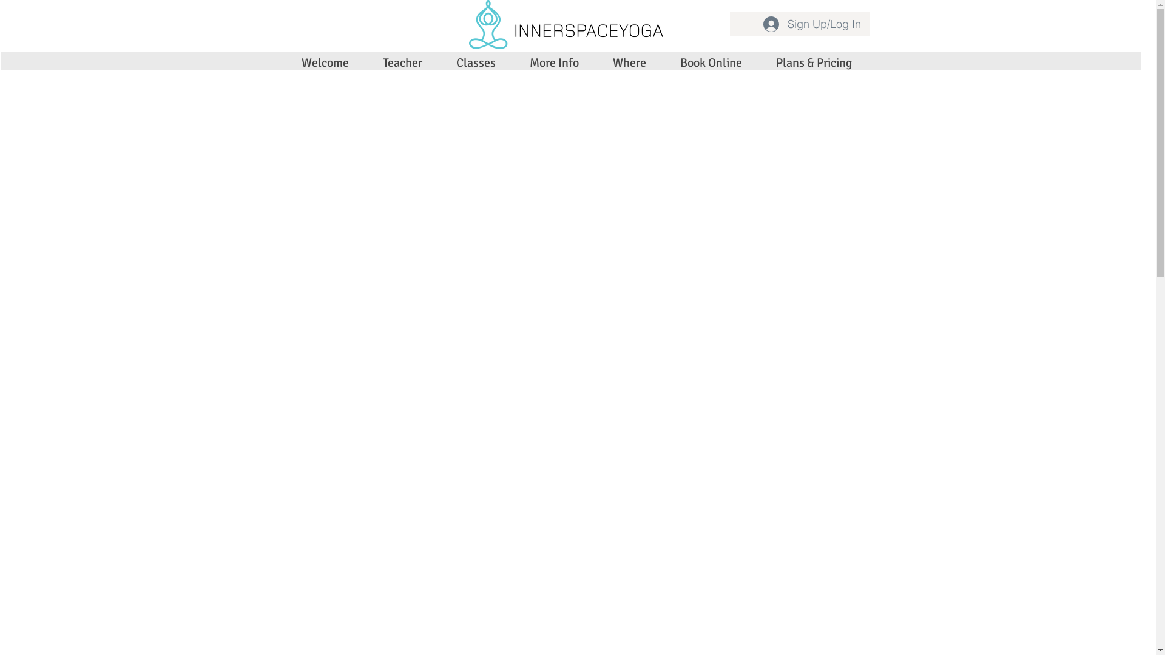  I want to click on 'Plans & Pricing', so click(813, 63).